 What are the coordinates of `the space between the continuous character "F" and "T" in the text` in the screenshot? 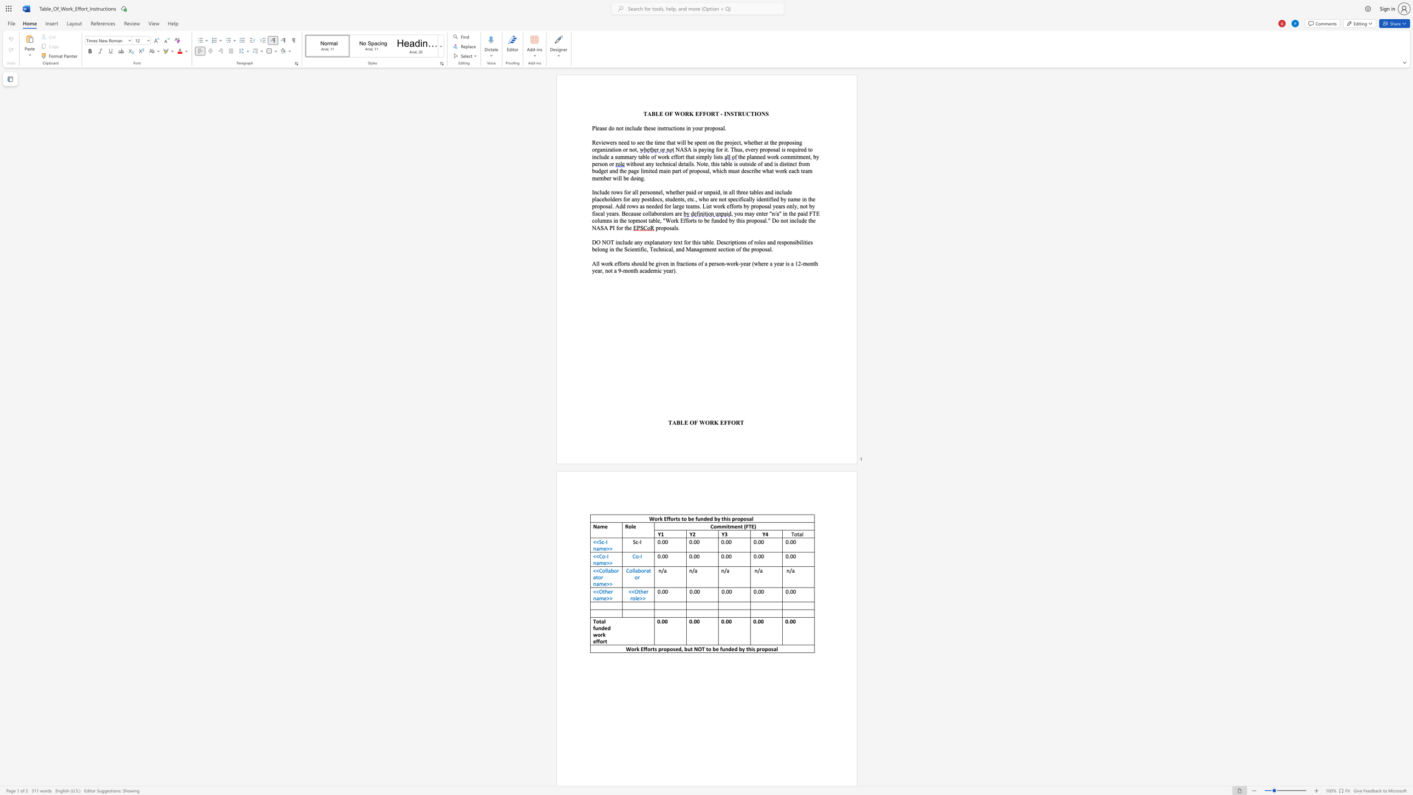 It's located at (748, 526).